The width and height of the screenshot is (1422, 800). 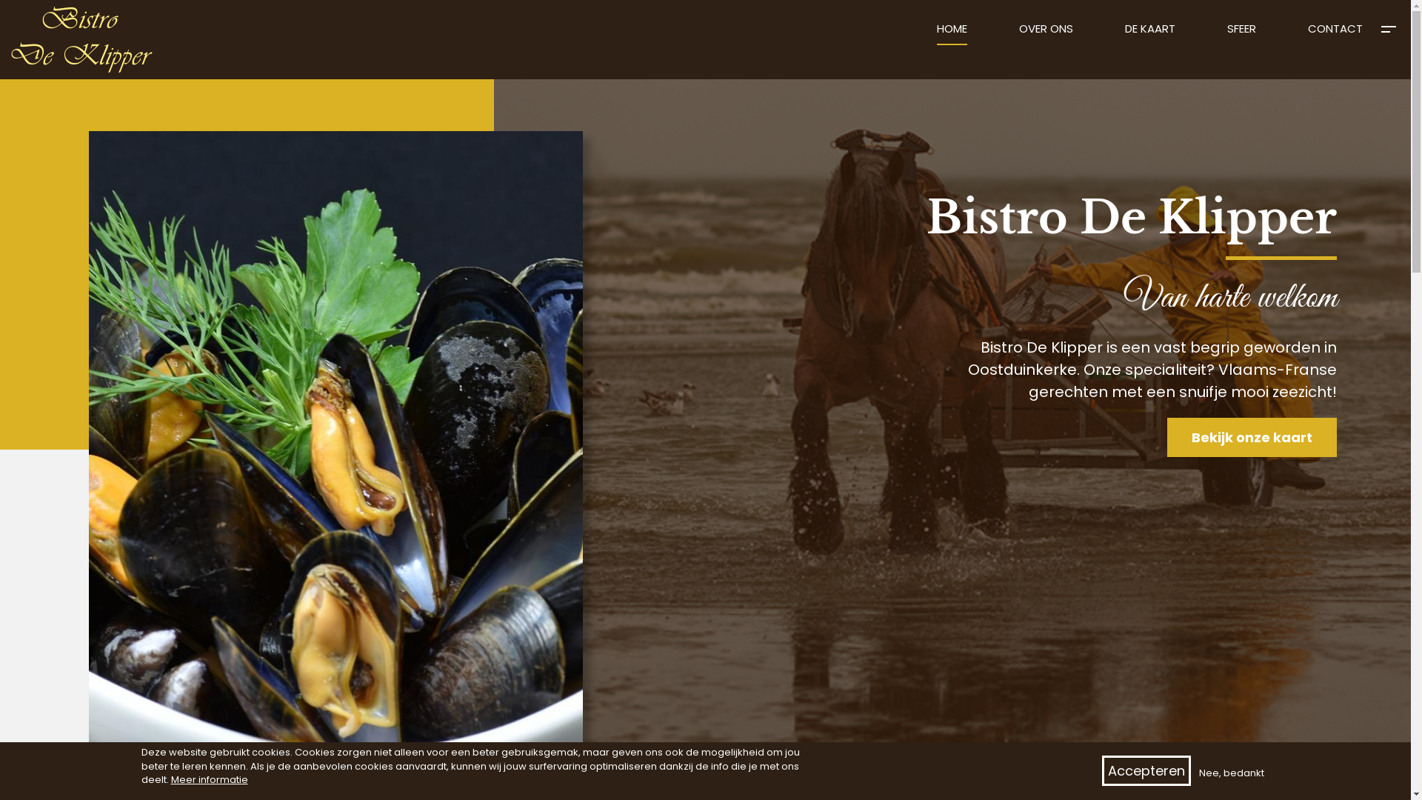 I want to click on 'OVER ONS', so click(x=1018, y=33).